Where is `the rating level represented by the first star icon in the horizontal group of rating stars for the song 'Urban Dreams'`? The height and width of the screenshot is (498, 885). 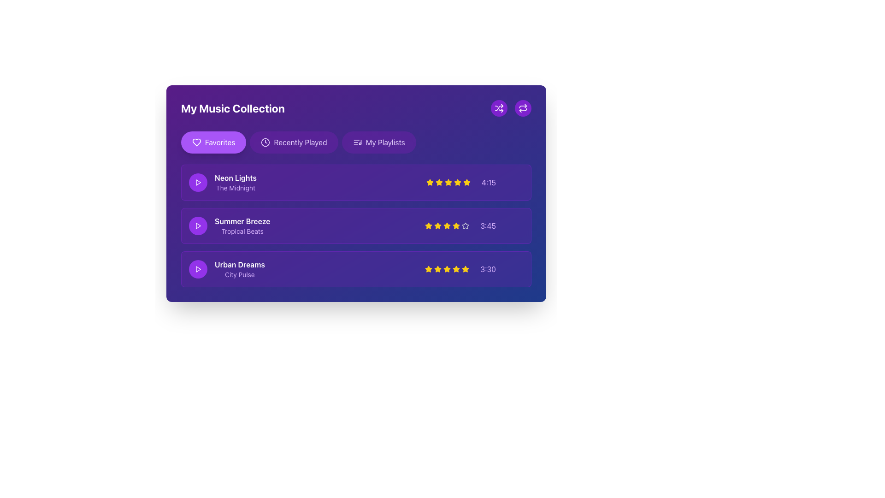 the rating level represented by the first star icon in the horizontal group of rating stars for the song 'Urban Dreams' is located at coordinates (428, 269).